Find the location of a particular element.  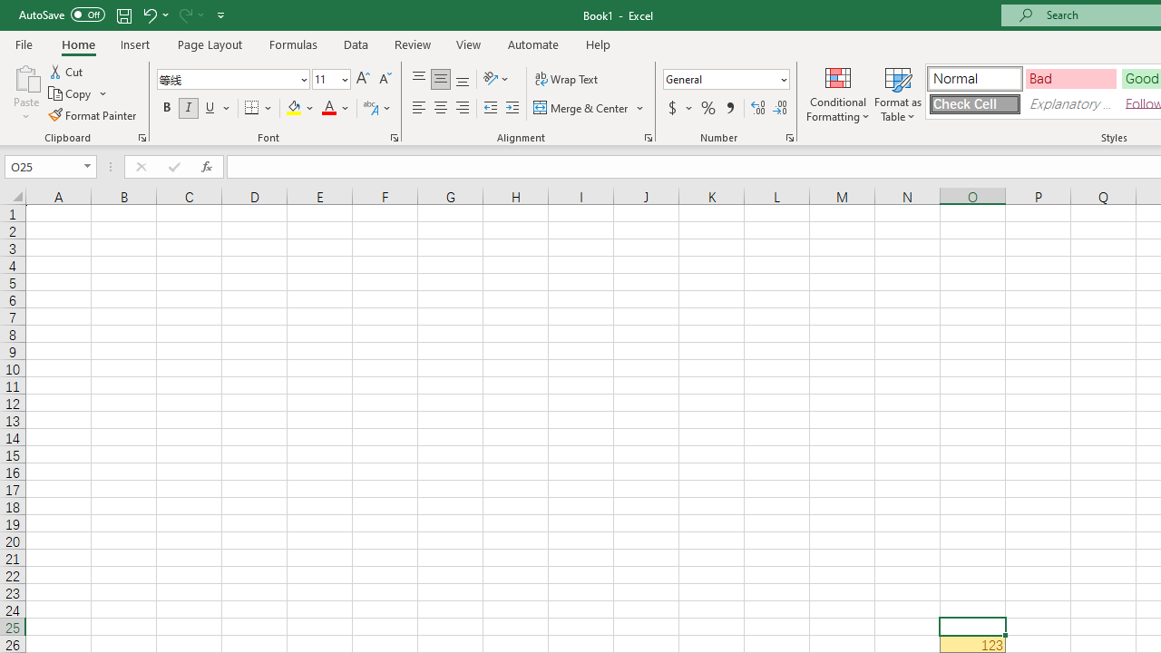

'Fill Color RGB(255, 255, 0)' is located at coordinates (294, 108).